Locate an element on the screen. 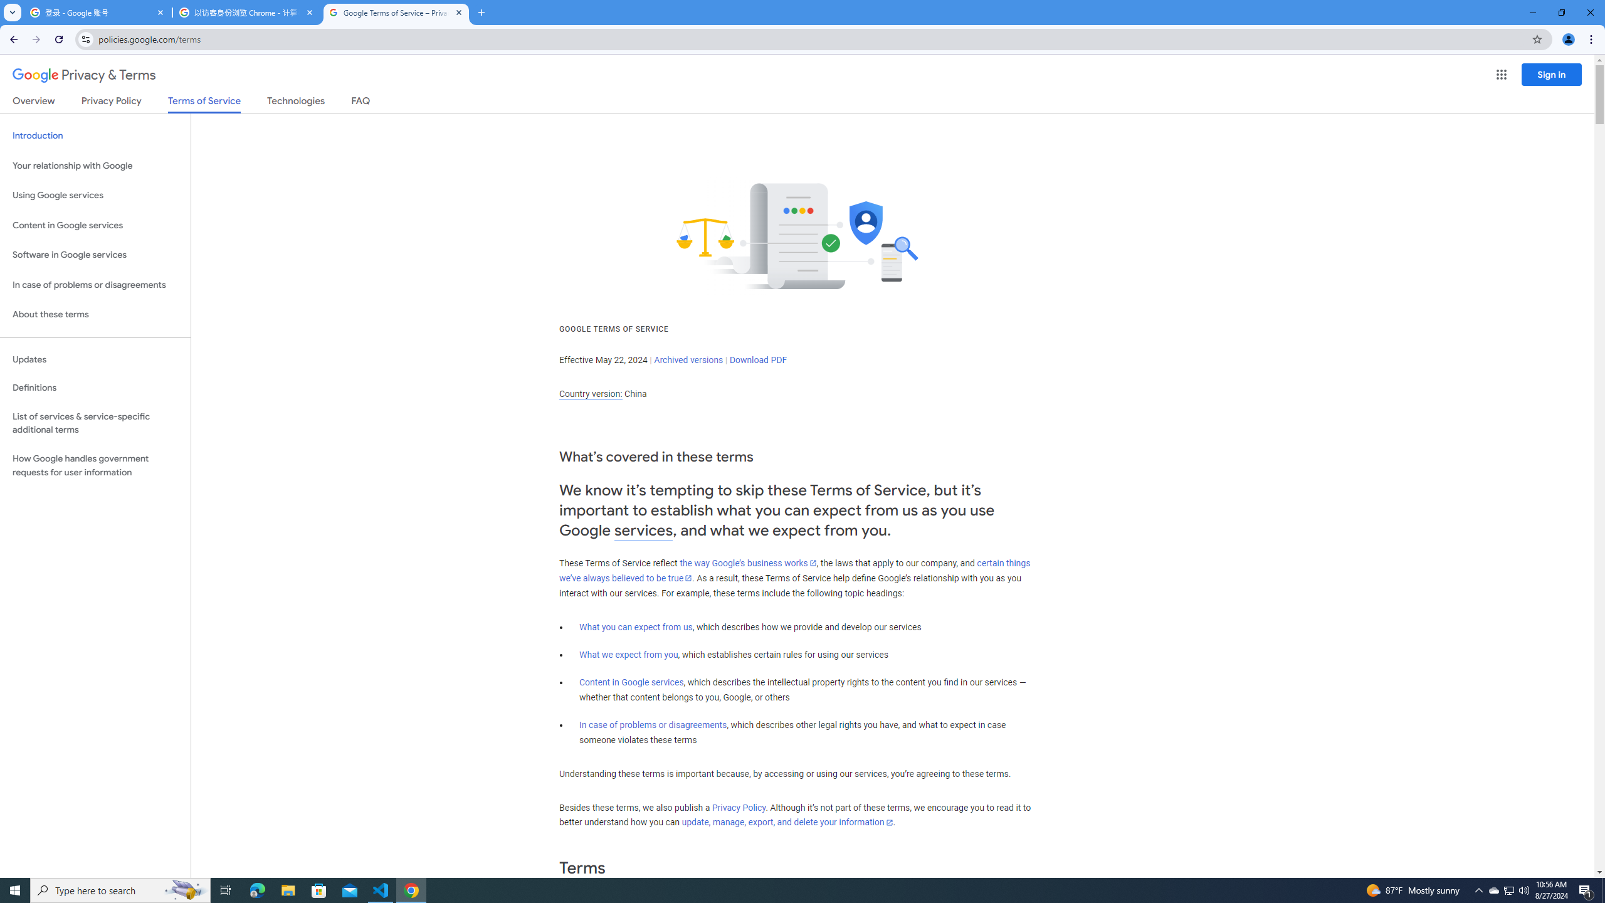 This screenshot has width=1605, height=903. 'Country version:' is located at coordinates (590, 394).